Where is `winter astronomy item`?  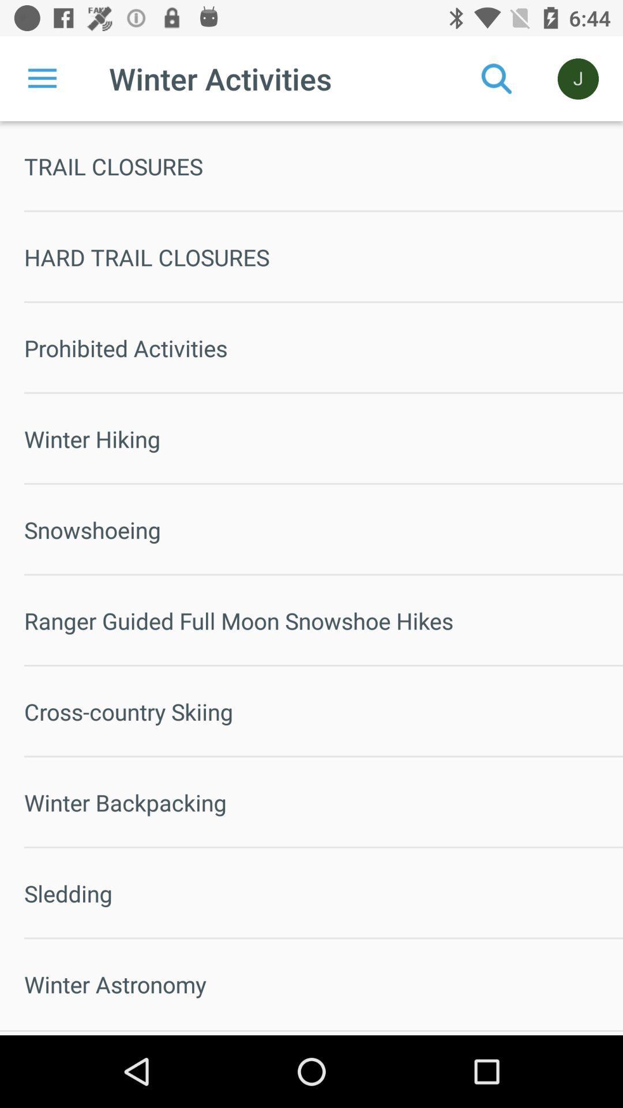 winter astronomy item is located at coordinates (323, 983).